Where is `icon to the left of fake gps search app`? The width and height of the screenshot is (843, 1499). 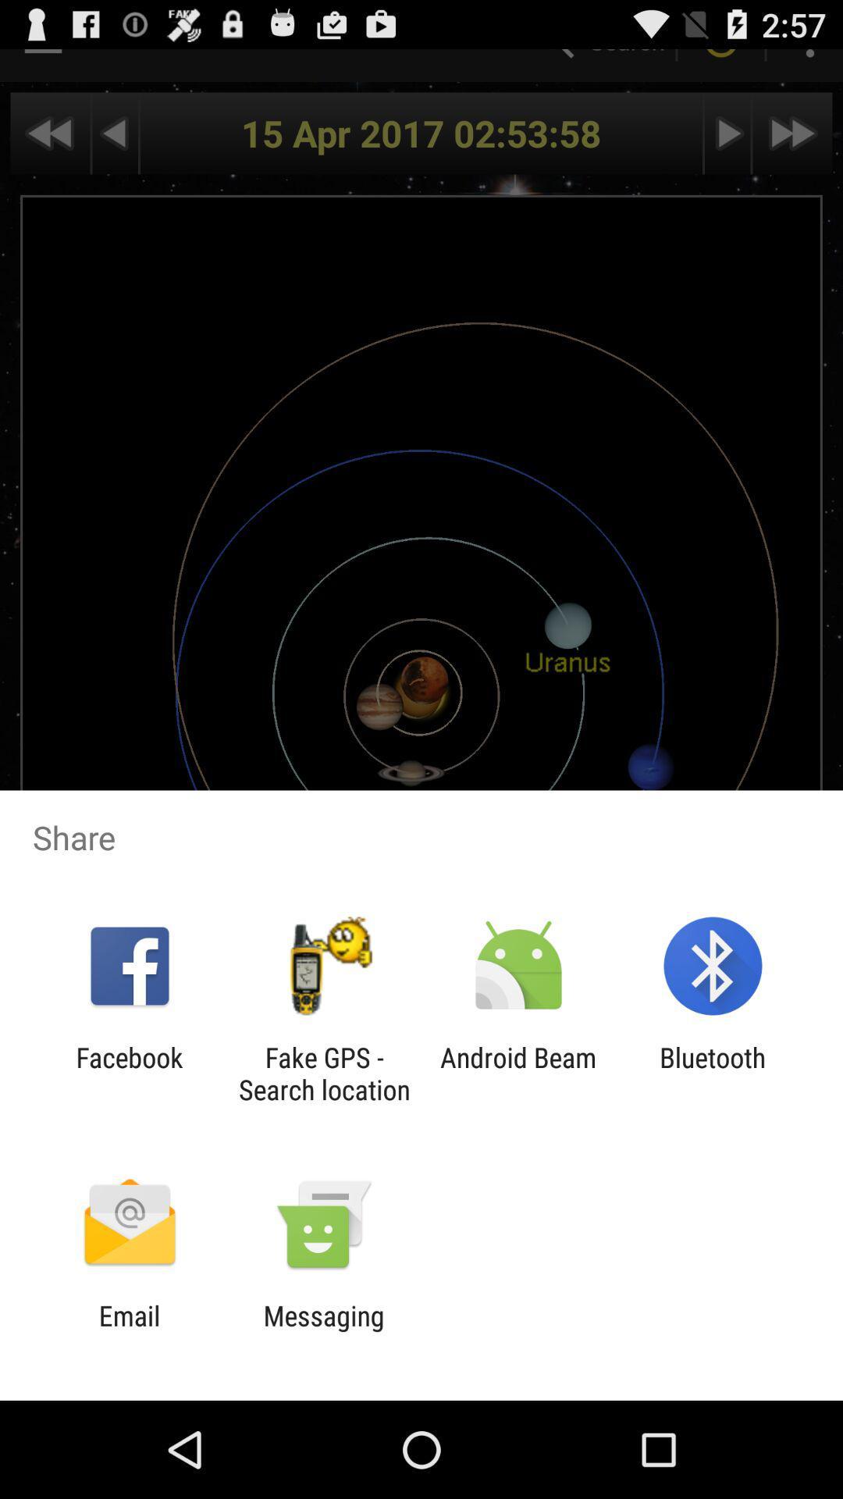 icon to the left of fake gps search app is located at coordinates (129, 1073).